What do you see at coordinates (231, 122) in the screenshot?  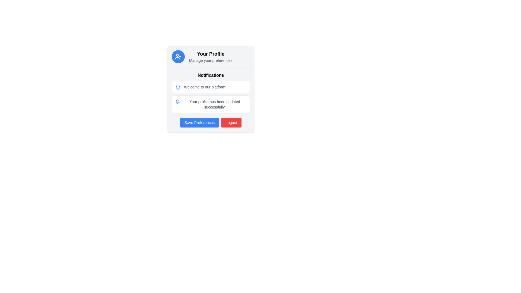 I see `the logout button located at the bottom-right area of the 'Your Profile' modal dialog to terminate the current session` at bounding box center [231, 122].